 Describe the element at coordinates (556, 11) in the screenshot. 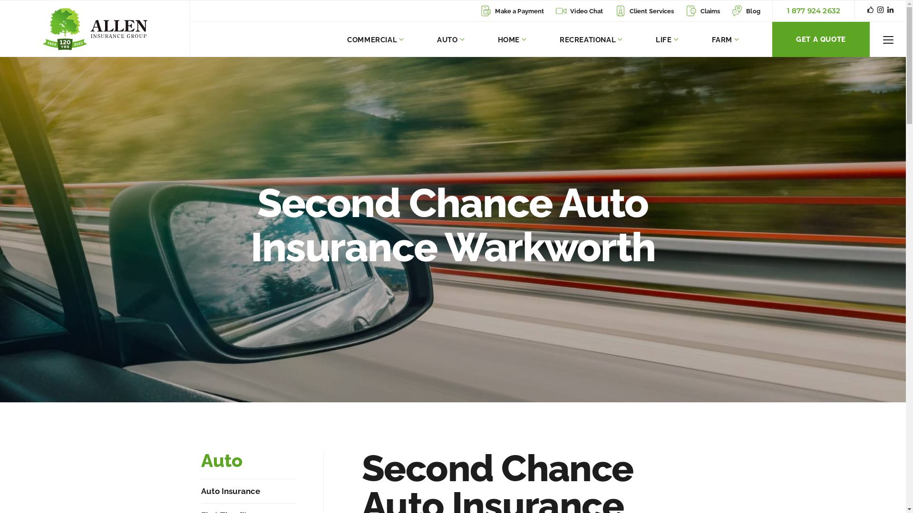

I see `'Video Chat'` at that location.